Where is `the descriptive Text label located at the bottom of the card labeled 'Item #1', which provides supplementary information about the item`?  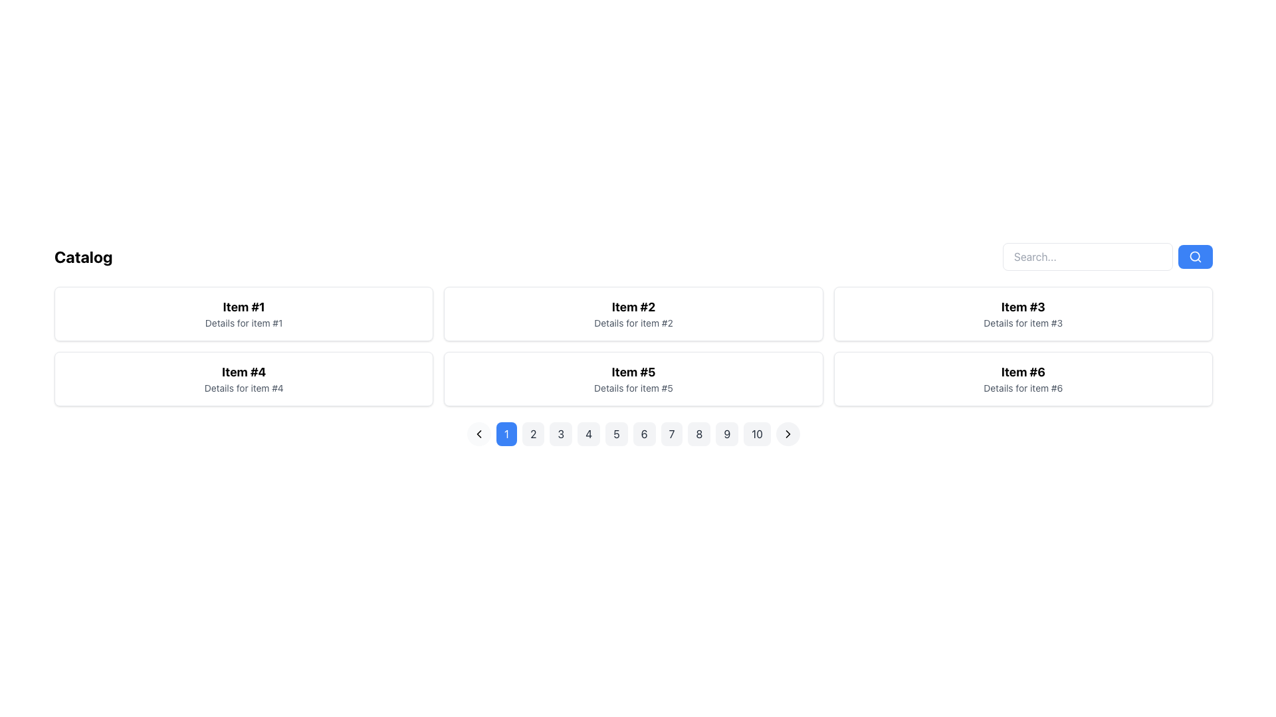
the descriptive Text label located at the bottom of the card labeled 'Item #1', which provides supplementary information about the item is located at coordinates (244, 323).